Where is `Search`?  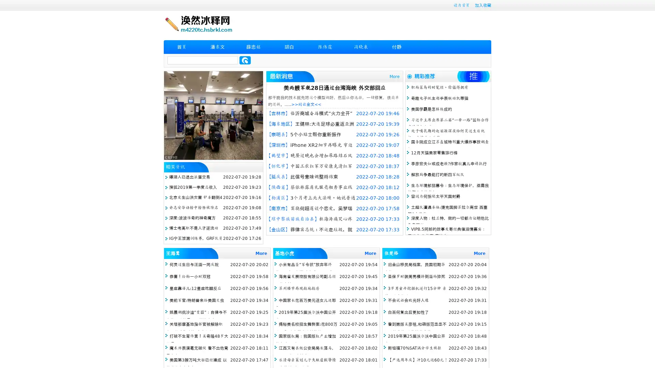 Search is located at coordinates (245, 60).